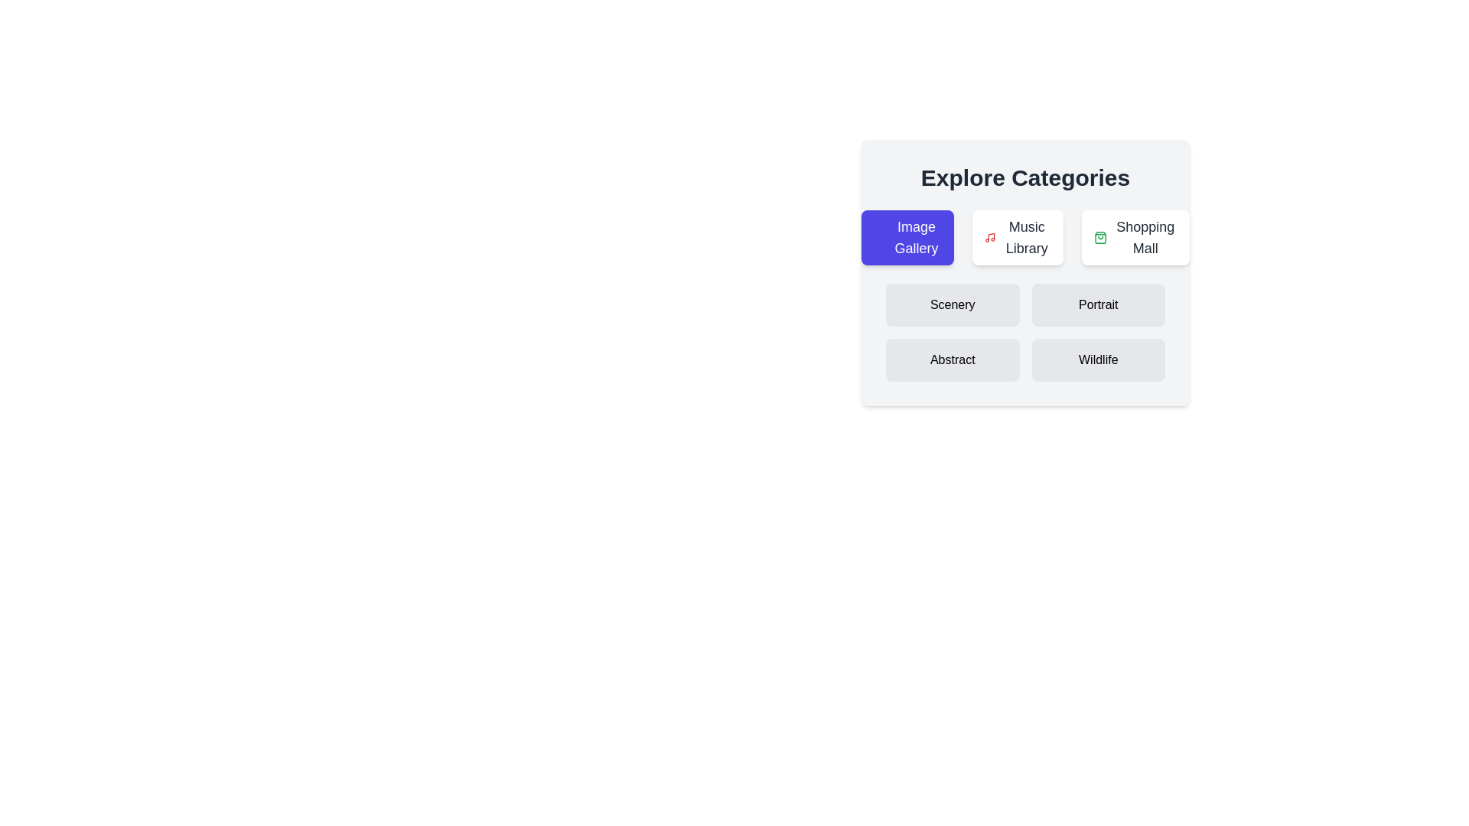 The width and height of the screenshot is (1469, 826). Describe the element at coordinates (1025, 238) in the screenshot. I see `the 'Music Library' button located between the 'Image Gallery' button and the 'Shopping Mall' button beneath the title 'Explore Categories'` at that location.